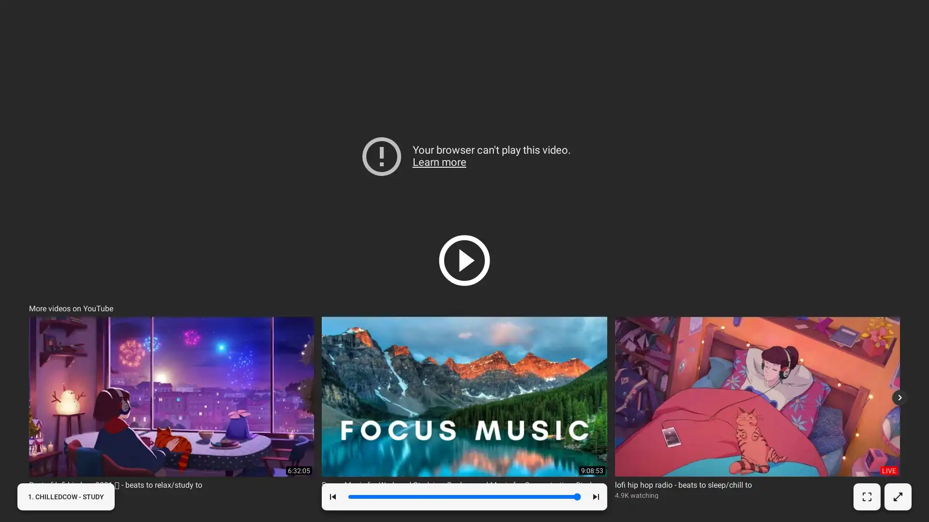 The image size is (929, 522). I want to click on crop_free, so click(866, 497).